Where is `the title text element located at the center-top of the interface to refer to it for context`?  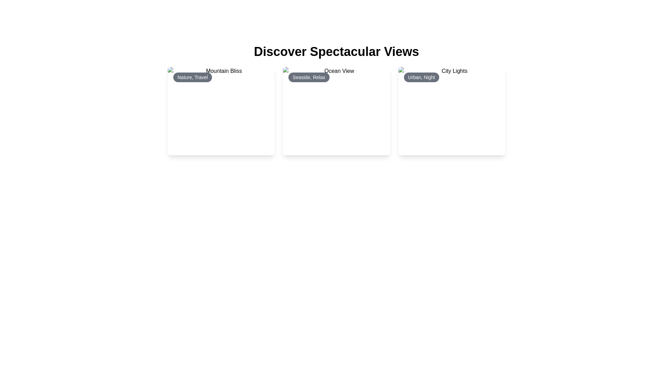 the title text element located at the center-top of the interface to refer to it for context is located at coordinates (336, 51).